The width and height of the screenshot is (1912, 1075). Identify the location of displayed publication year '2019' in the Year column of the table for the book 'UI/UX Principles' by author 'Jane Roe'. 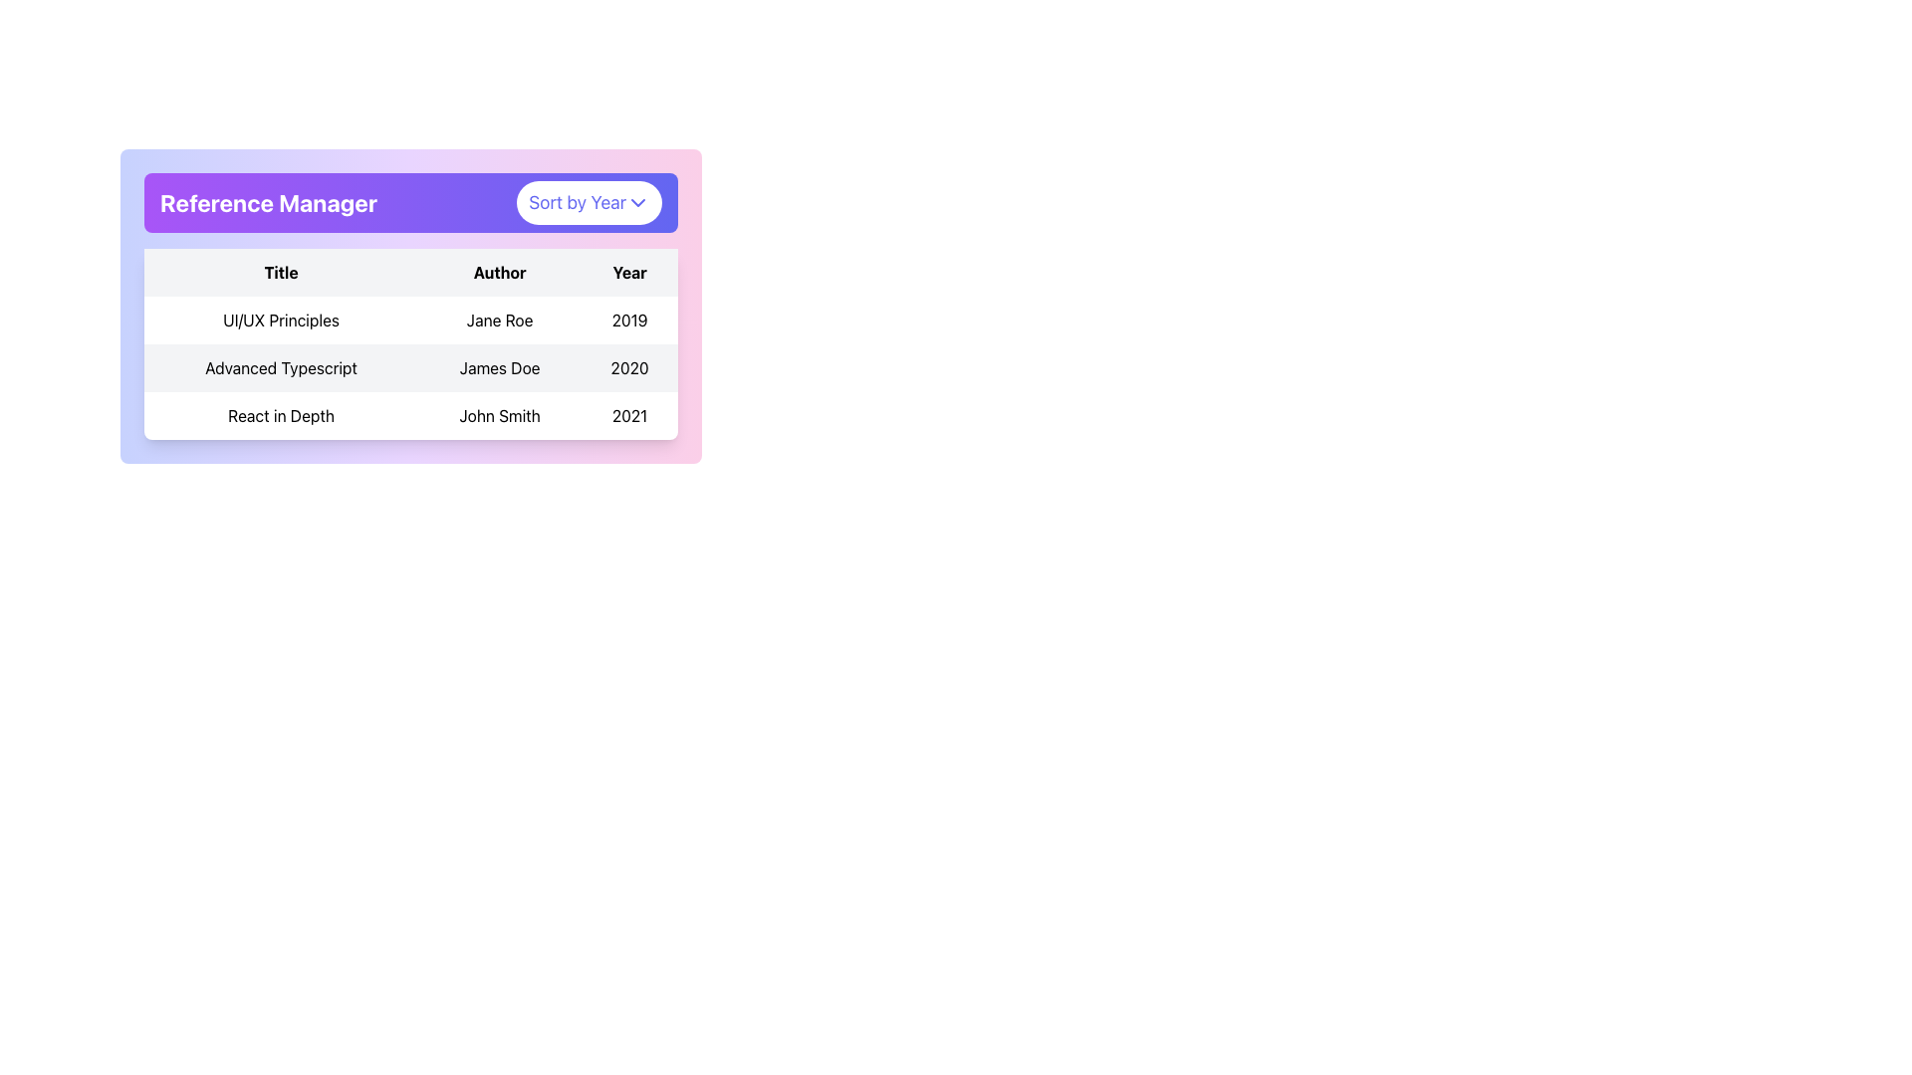
(628, 319).